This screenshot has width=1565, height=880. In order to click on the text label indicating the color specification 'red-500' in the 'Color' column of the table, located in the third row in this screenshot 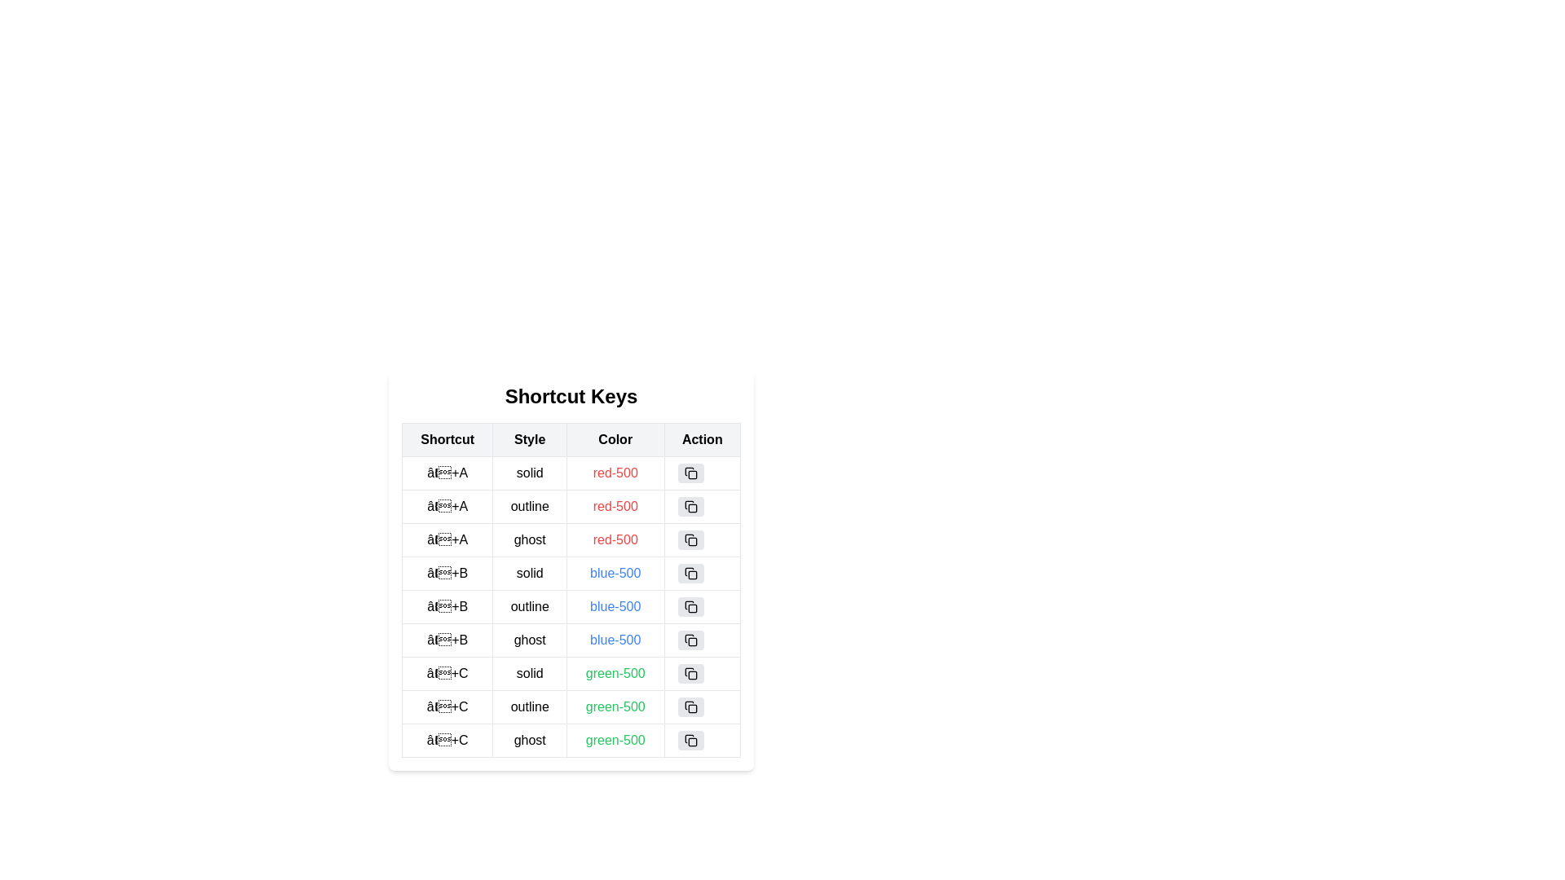, I will do `click(571, 540)`.